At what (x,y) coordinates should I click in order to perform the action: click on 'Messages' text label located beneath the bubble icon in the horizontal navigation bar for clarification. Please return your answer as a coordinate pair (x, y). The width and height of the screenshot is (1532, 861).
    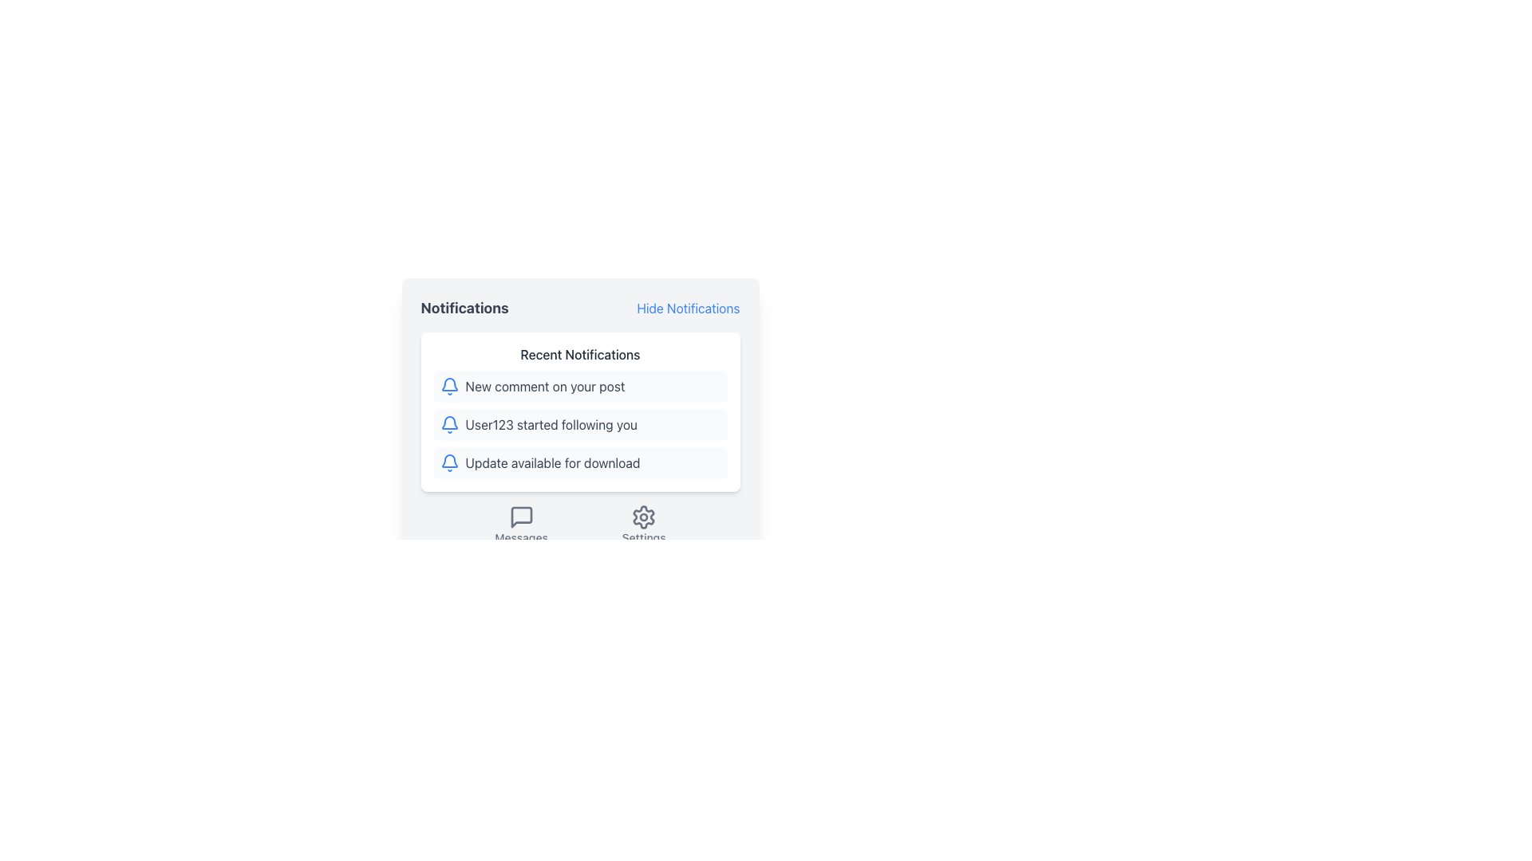
    Looking at the image, I should click on (521, 538).